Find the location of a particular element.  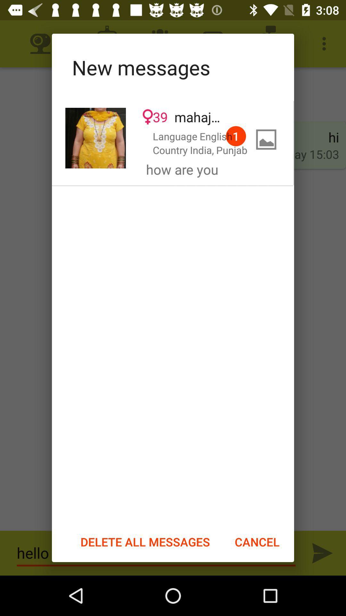

user 's profile is located at coordinates (95, 138).